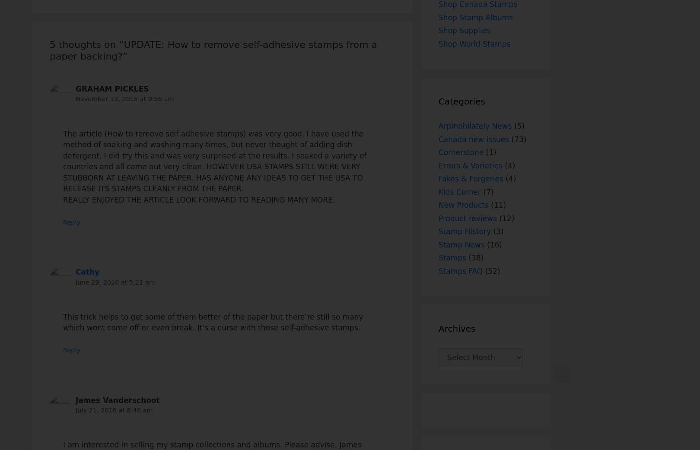 The width and height of the screenshot is (700, 450). I want to click on 'James Vanderschoot', so click(75, 399).